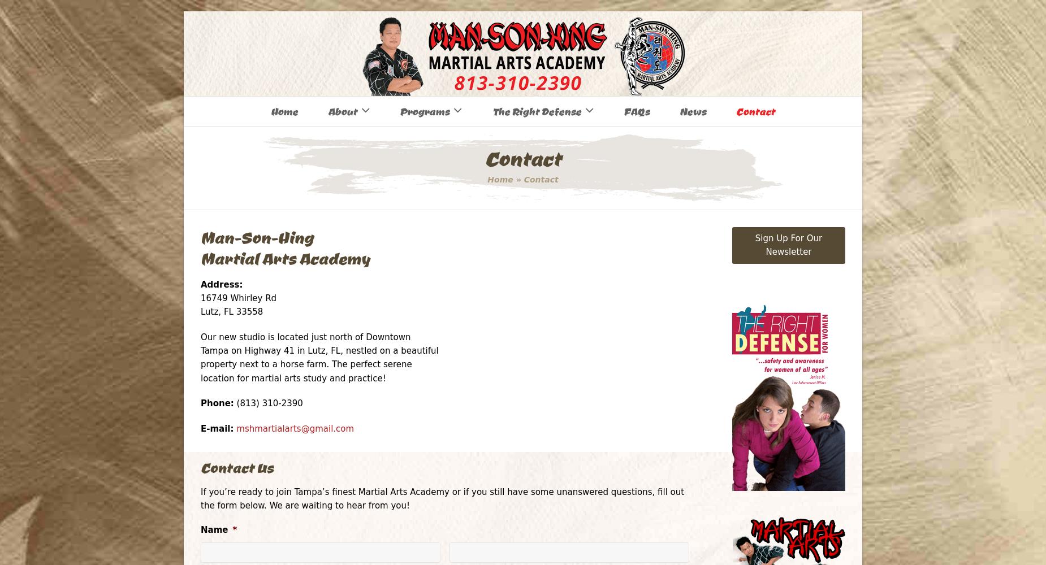  I want to click on 'Martial Arts Style', so click(321, 158).